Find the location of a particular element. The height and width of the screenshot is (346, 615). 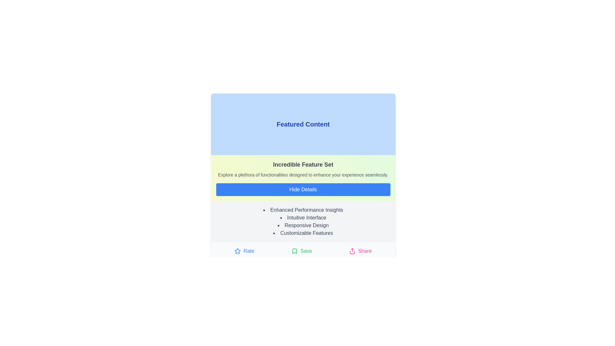

the pink 'Share' icon located at the bottom-right corner of the main content section is located at coordinates (352, 251).